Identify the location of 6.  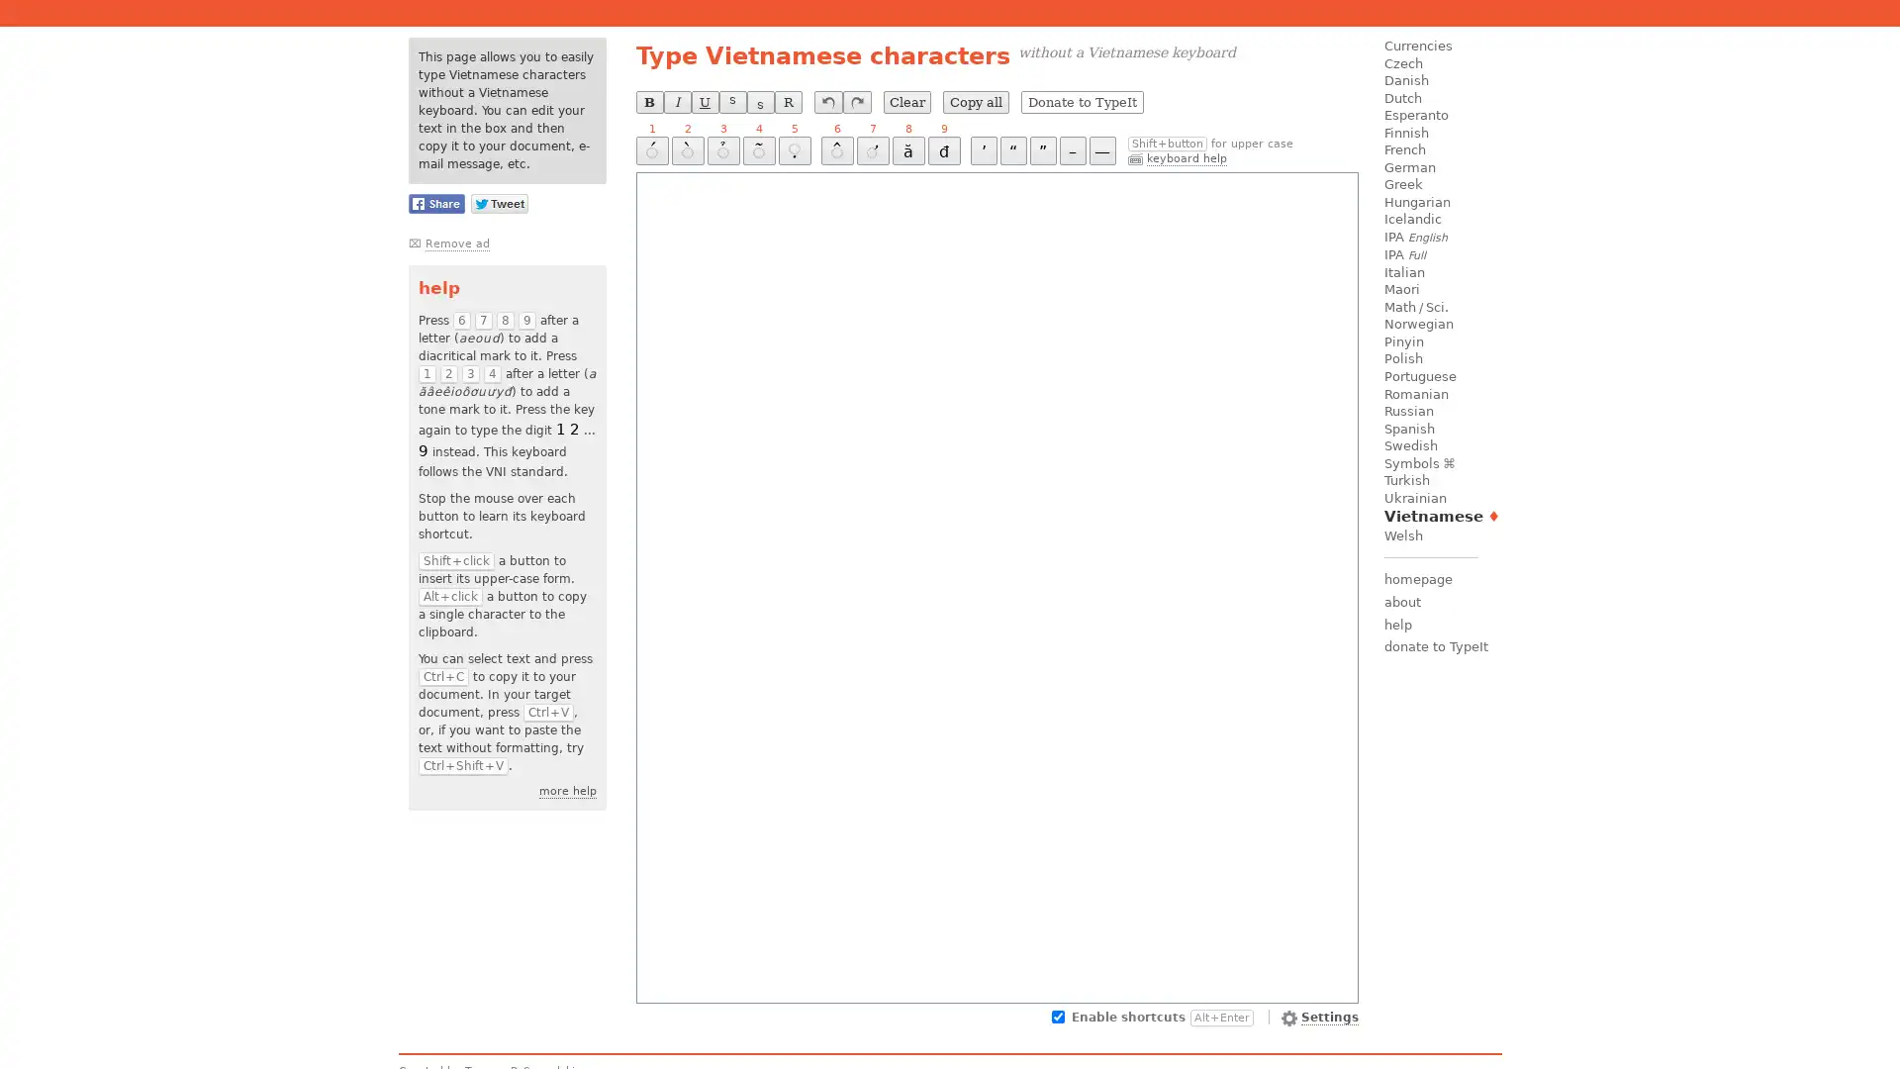
(836, 149).